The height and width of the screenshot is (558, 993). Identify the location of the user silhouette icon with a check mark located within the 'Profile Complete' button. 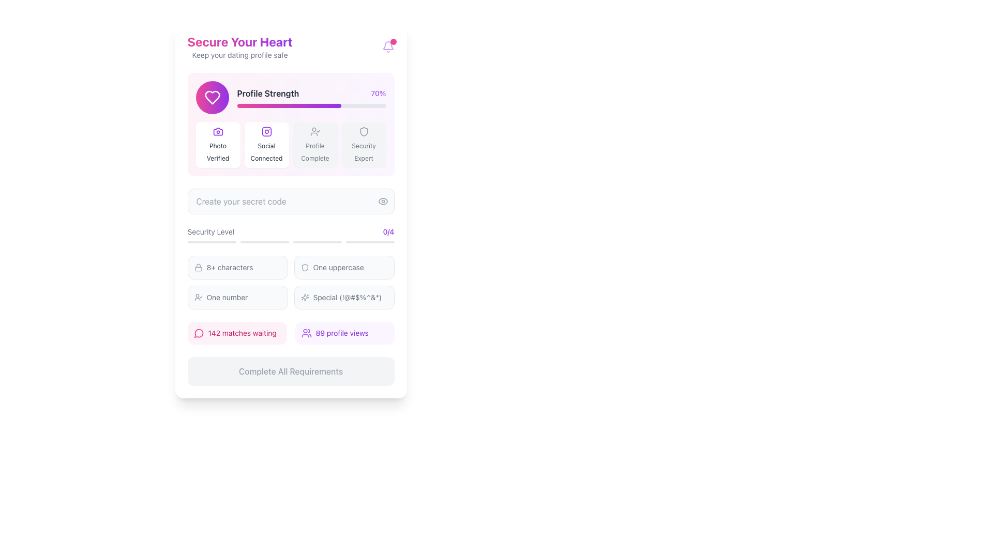
(314, 131).